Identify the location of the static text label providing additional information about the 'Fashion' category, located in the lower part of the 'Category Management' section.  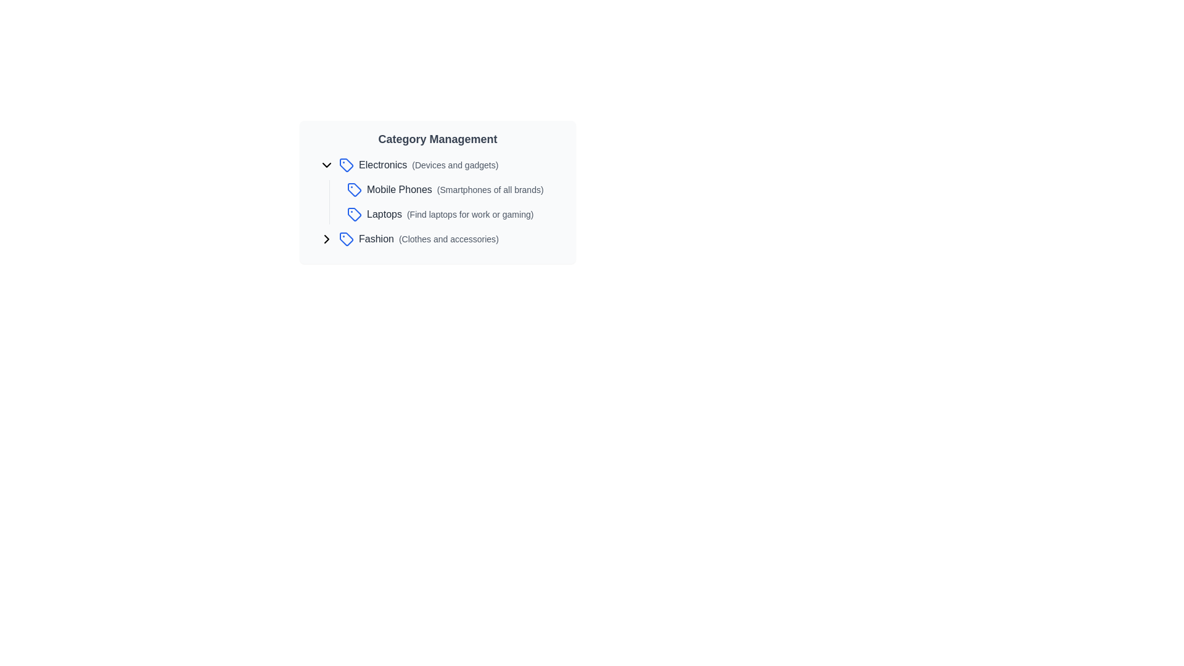
(448, 239).